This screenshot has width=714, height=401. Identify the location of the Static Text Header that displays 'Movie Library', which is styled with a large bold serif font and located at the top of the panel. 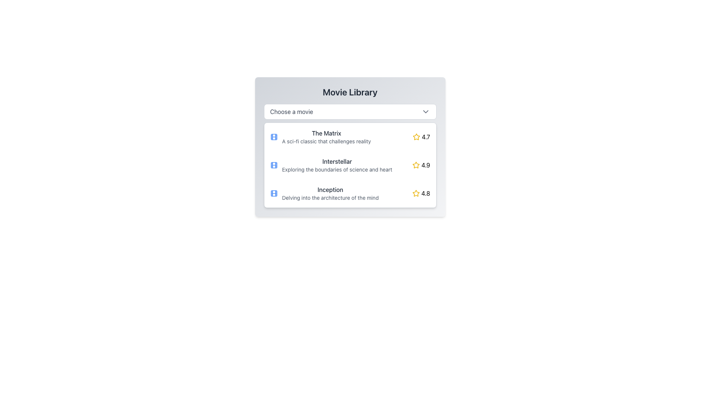
(350, 91).